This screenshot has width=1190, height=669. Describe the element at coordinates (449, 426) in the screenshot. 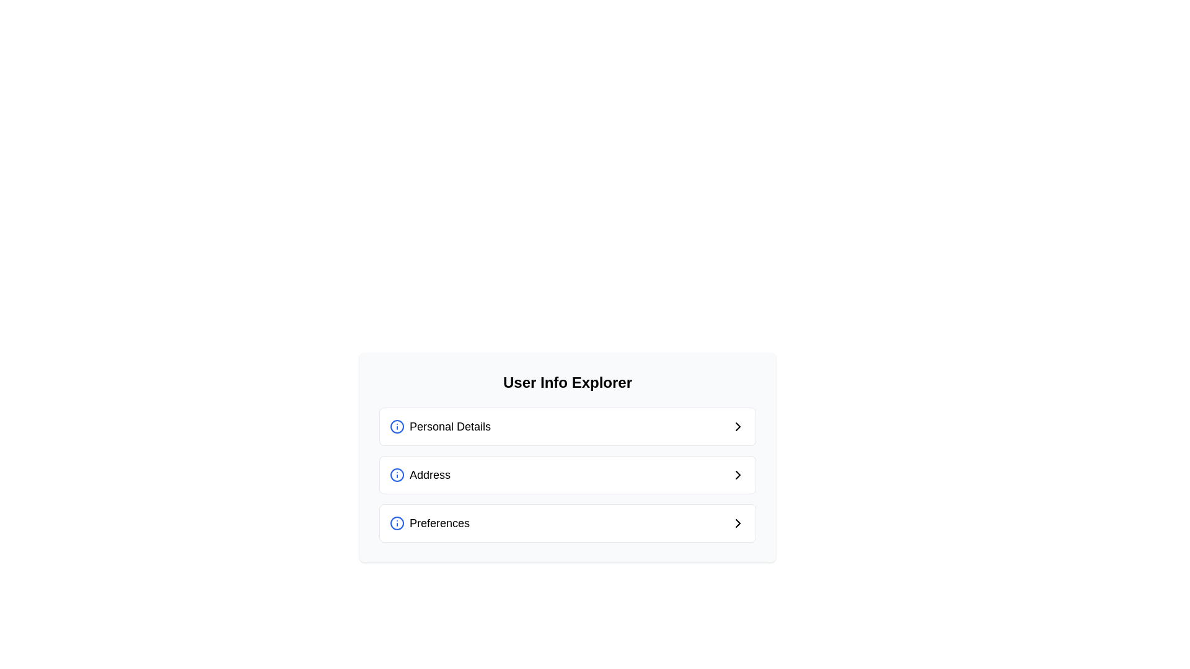

I see `the 'Personal Details' text label, which is the first entry in a vertical list, to associate it with user selection actions` at that location.